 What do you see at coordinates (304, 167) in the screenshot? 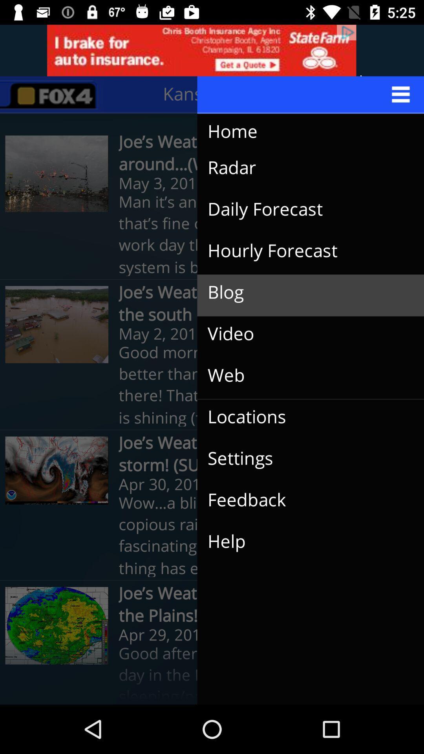
I see `icon above the man it s item` at bounding box center [304, 167].